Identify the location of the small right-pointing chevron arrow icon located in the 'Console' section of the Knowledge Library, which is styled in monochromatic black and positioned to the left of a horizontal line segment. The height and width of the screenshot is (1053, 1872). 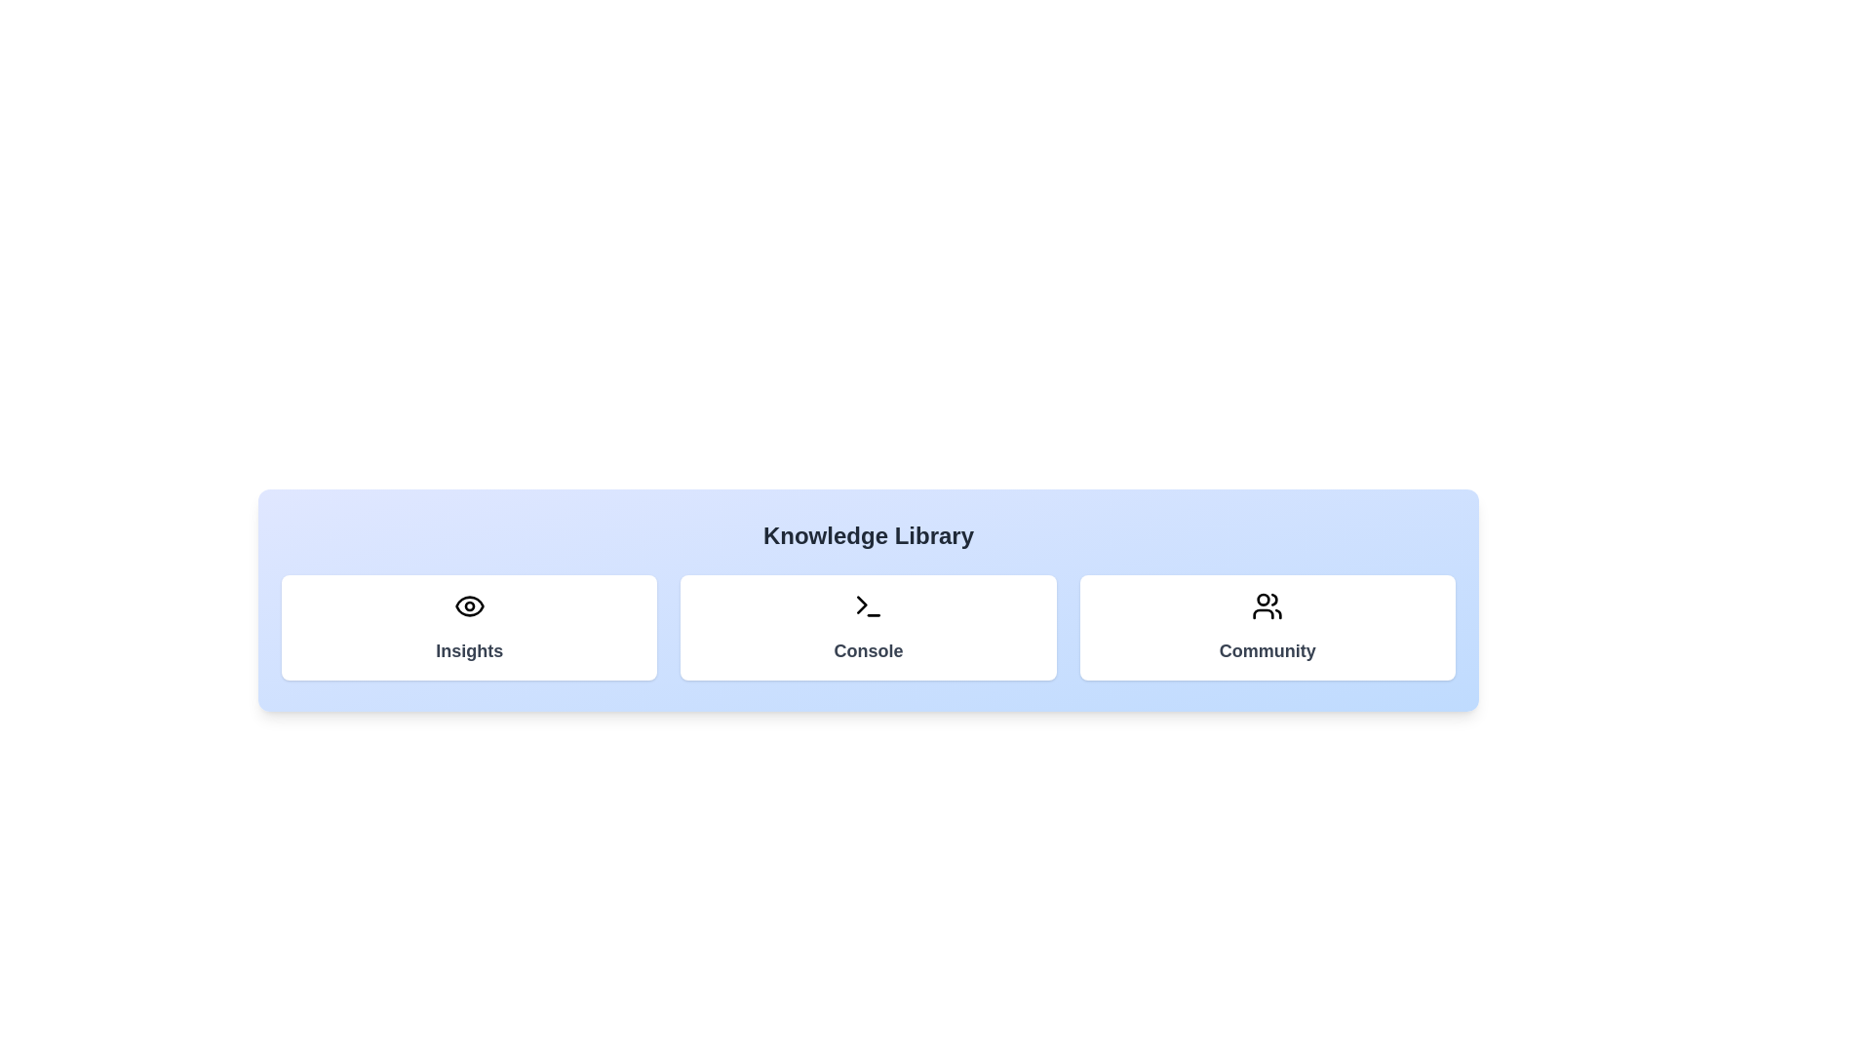
(861, 604).